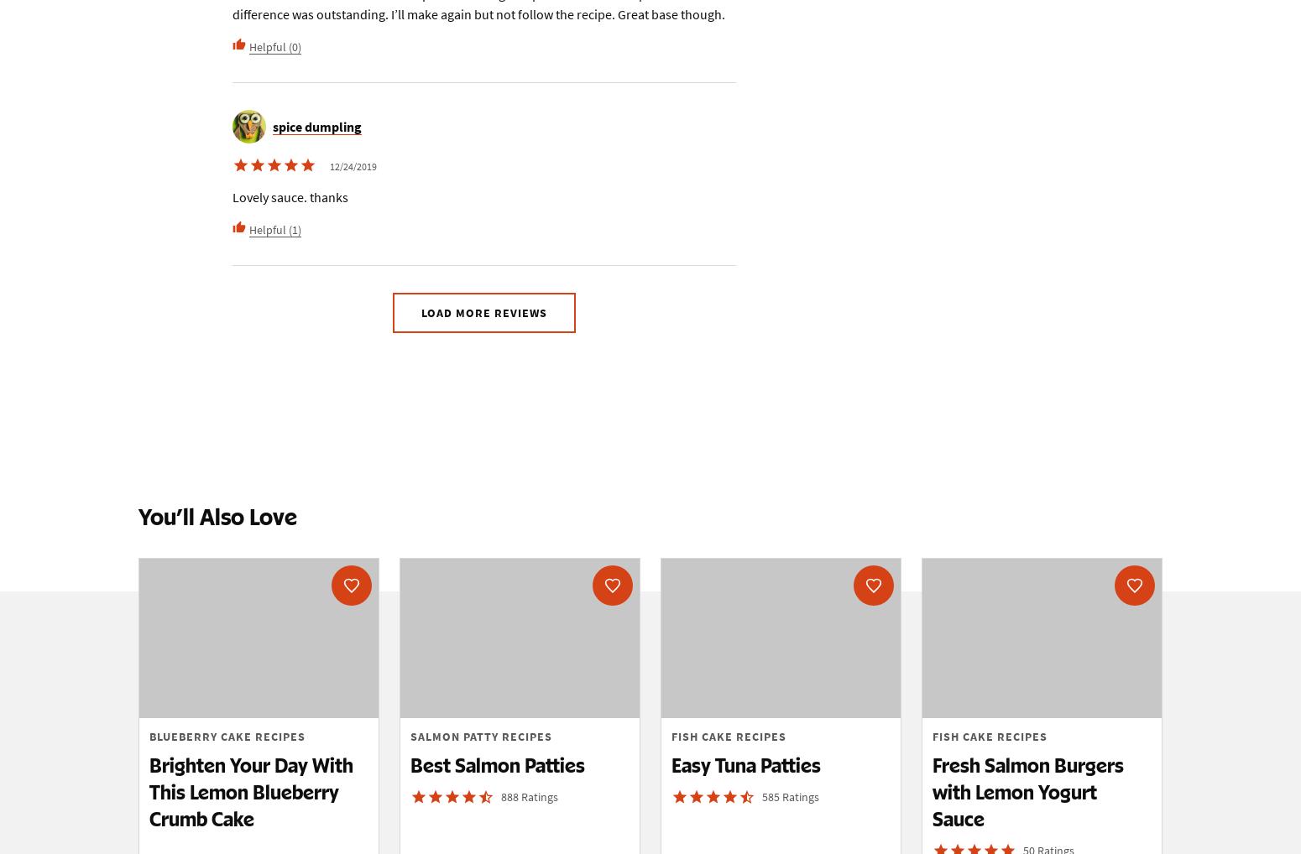 This screenshot has height=854, width=1301. What do you see at coordinates (316, 125) in the screenshot?
I see `'spice dumpling'` at bounding box center [316, 125].